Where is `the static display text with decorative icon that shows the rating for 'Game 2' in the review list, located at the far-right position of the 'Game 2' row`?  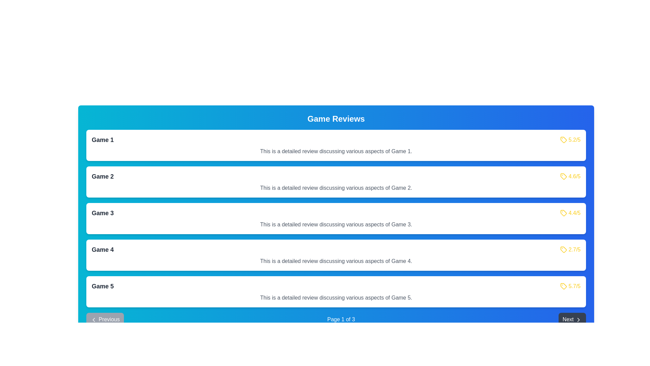
the static display text with decorative icon that shows the rating for 'Game 2' in the review list, located at the far-right position of the 'Game 2' row is located at coordinates (570, 176).